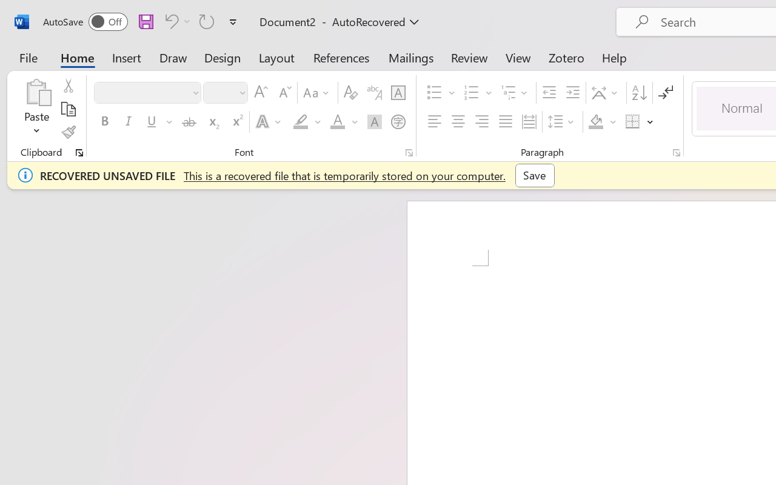 The image size is (776, 485). What do you see at coordinates (212, 122) in the screenshot?
I see `'Subscript'` at bounding box center [212, 122].